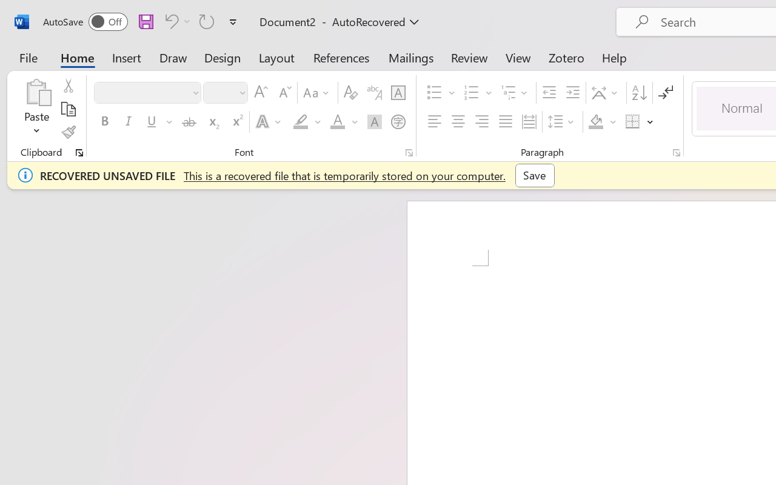 The image size is (776, 485). What do you see at coordinates (212, 122) in the screenshot?
I see `'Subscript'` at bounding box center [212, 122].